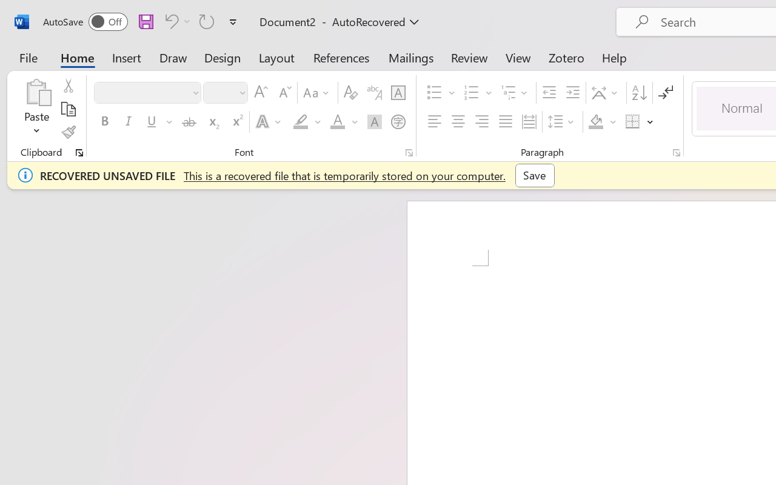 The image size is (776, 485). What do you see at coordinates (212, 122) in the screenshot?
I see `'Subscript'` at bounding box center [212, 122].